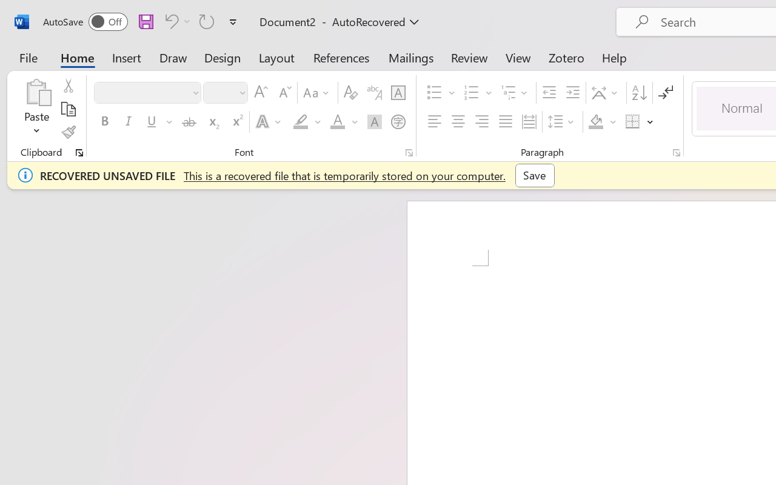 The image size is (776, 485). What do you see at coordinates (212, 122) in the screenshot?
I see `'Subscript'` at bounding box center [212, 122].